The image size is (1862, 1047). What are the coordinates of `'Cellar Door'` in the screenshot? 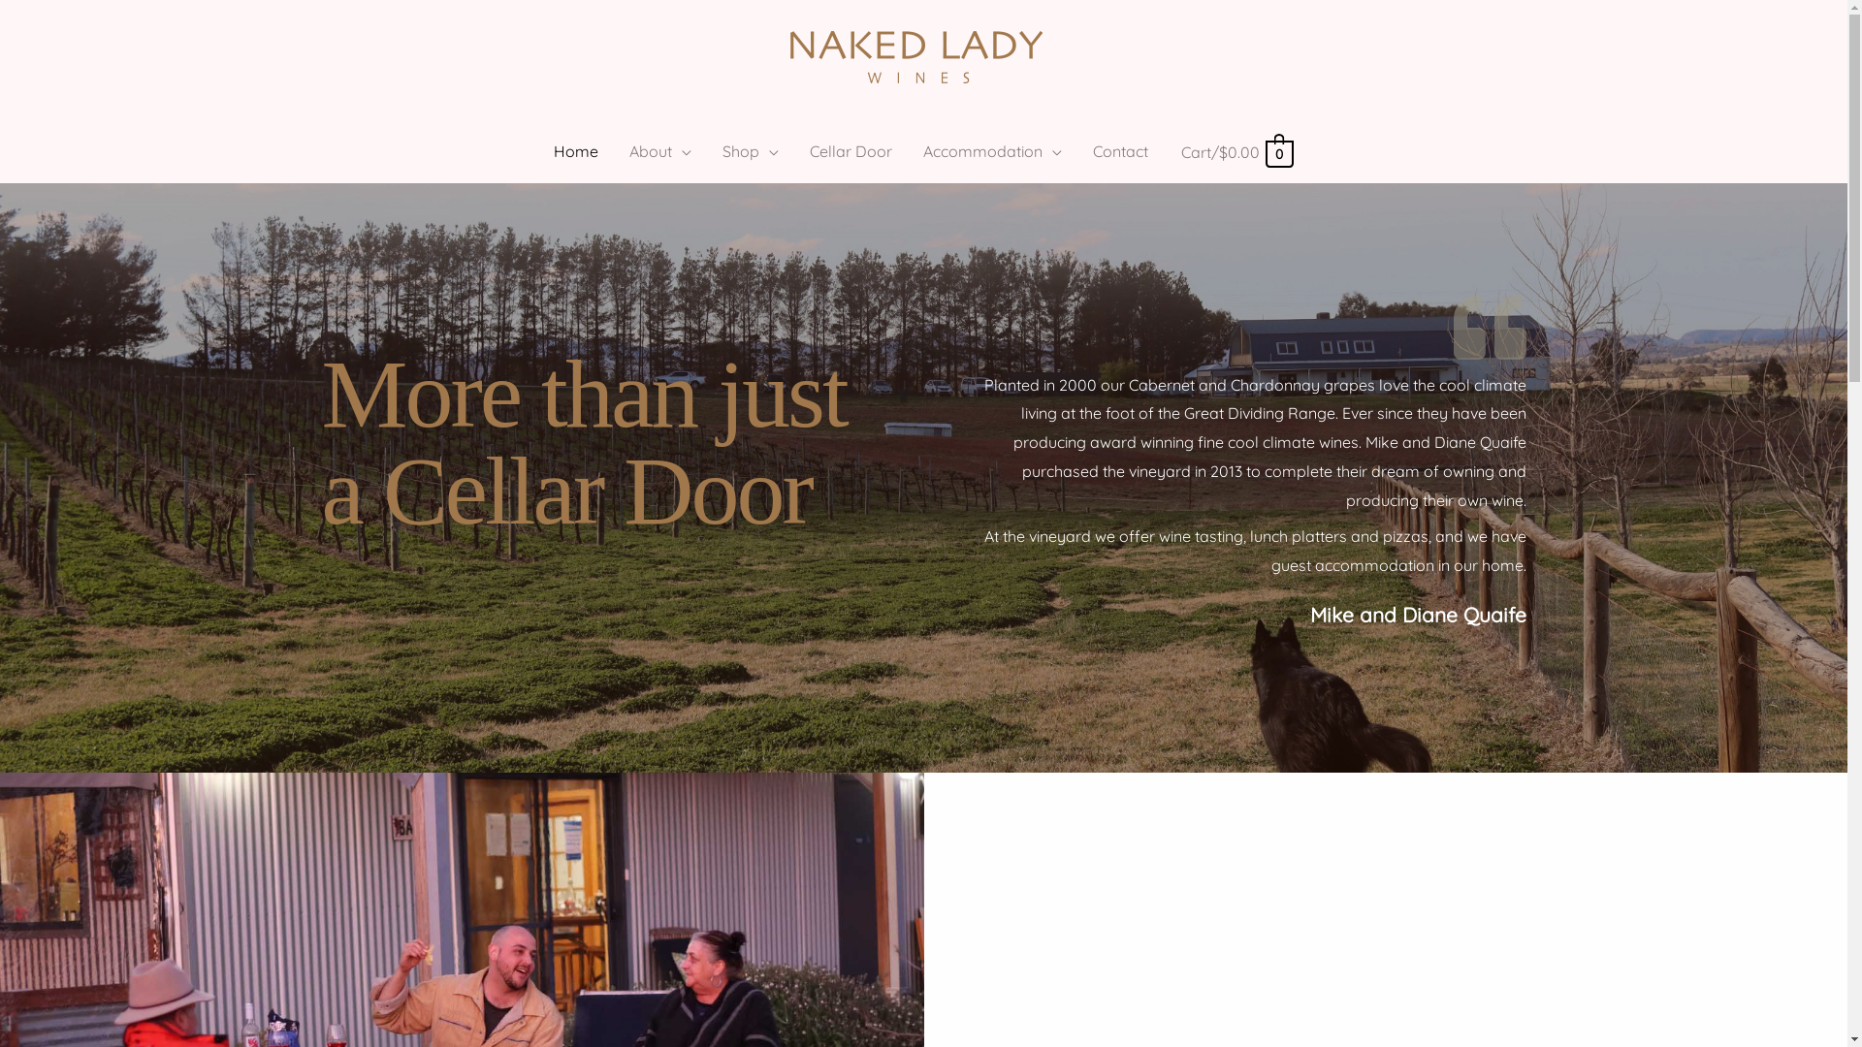 It's located at (851, 149).